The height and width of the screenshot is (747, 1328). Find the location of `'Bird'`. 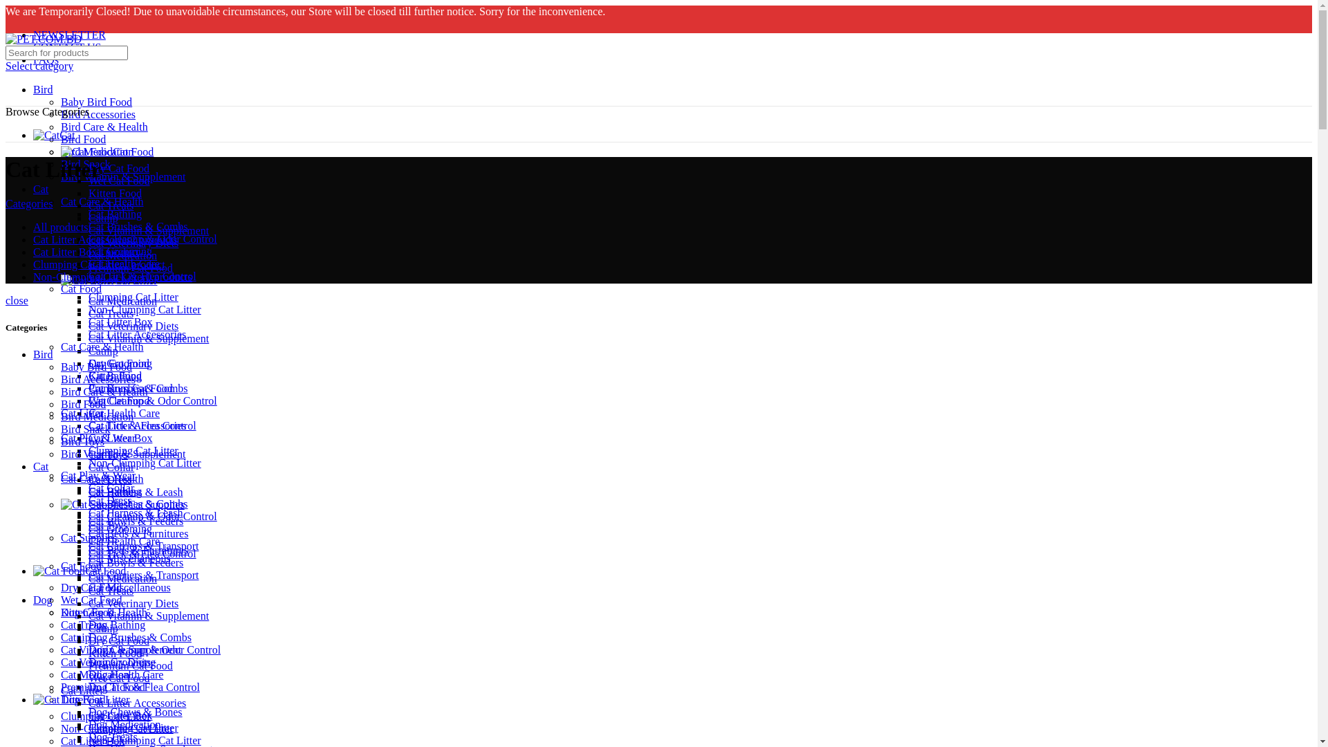

'Bird' is located at coordinates (43, 89).